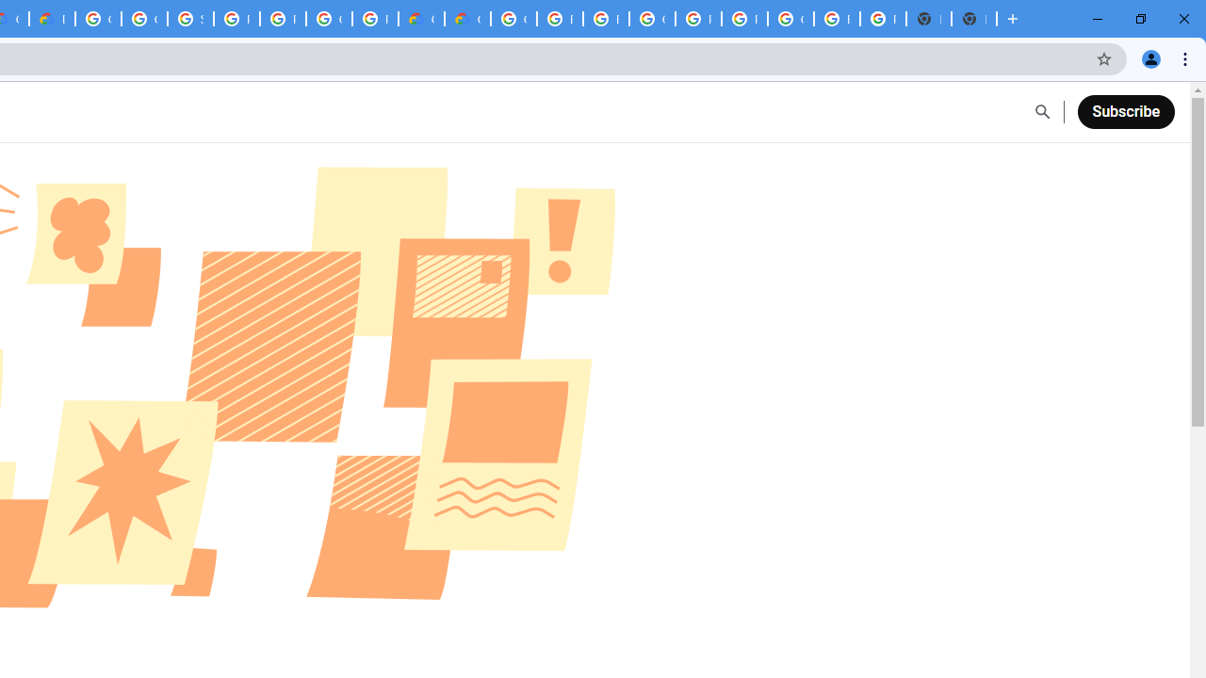 Image resolution: width=1206 pixels, height=678 pixels. What do you see at coordinates (467, 19) in the screenshot?
I see `'Google Cloud Estimate Summary'` at bounding box center [467, 19].